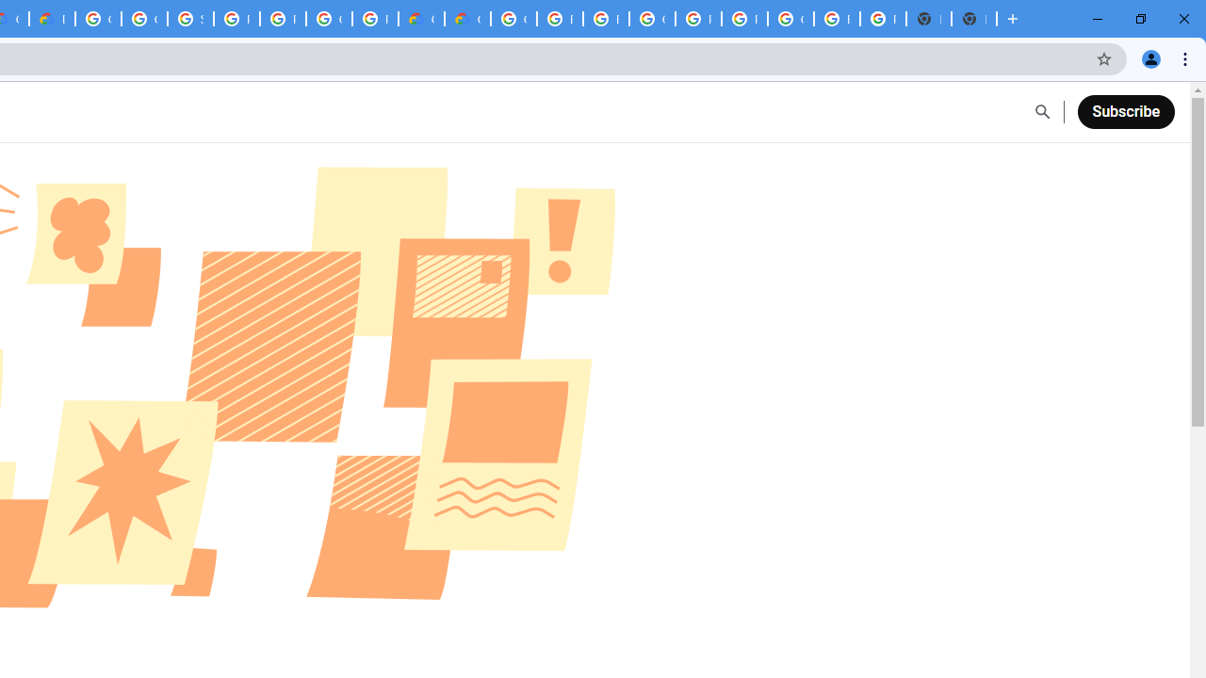 Image resolution: width=1206 pixels, height=678 pixels. What do you see at coordinates (467, 19) in the screenshot?
I see `'Google Cloud Estimate Summary'` at bounding box center [467, 19].